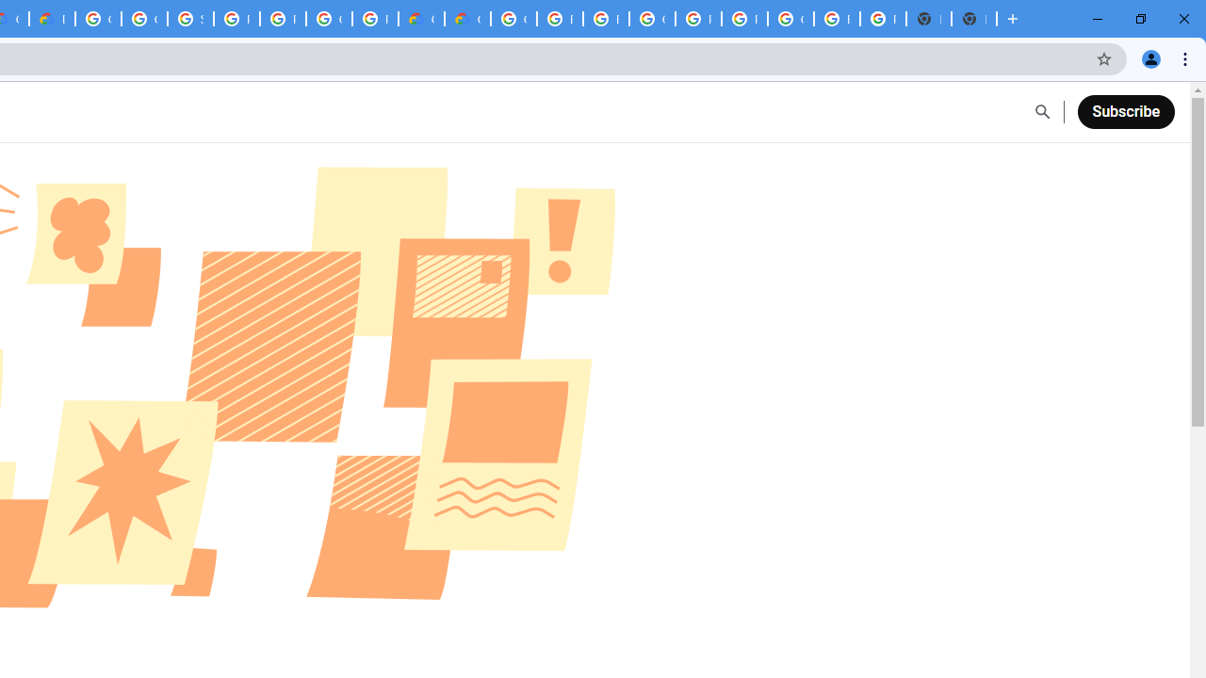 Image resolution: width=1206 pixels, height=678 pixels. What do you see at coordinates (467, 19) in the screenshot?
I see `'Google Cloud Estimate Summary'` at bounding box center [467, 19].